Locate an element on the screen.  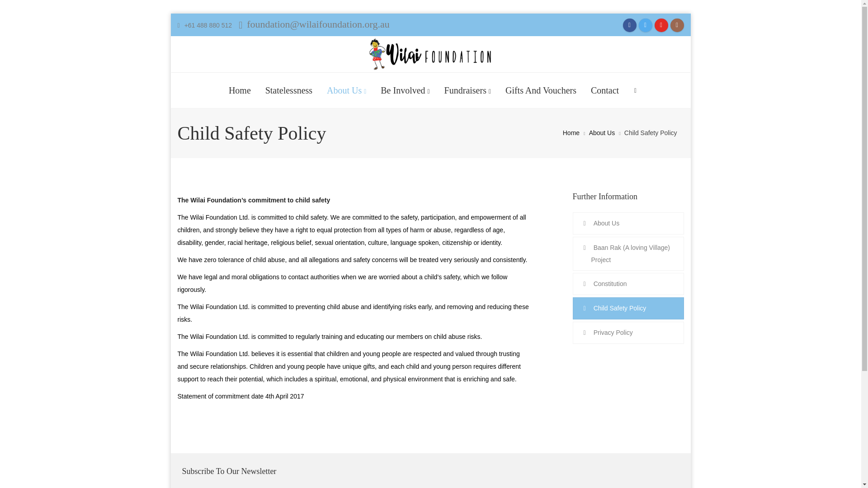
'Constitution' is located at coordinates (572, 283).